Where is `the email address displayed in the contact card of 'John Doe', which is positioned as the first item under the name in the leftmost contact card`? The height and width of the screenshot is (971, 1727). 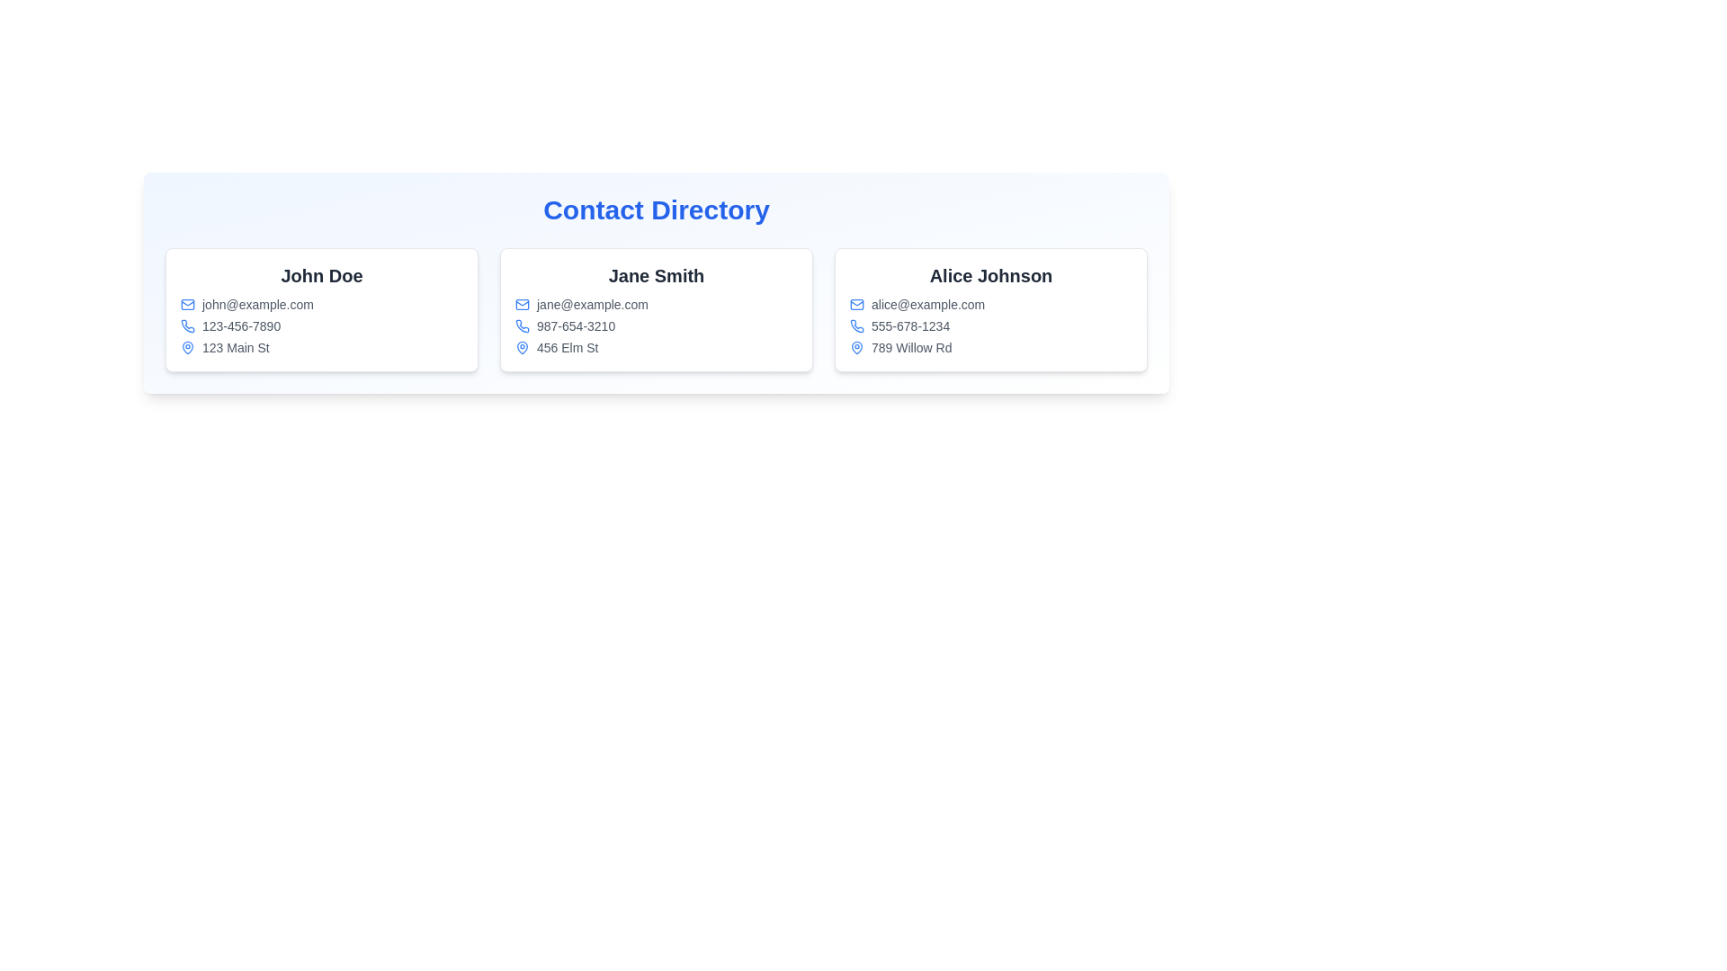
the email address displayed in the contact card of 'John Doe', which is positioned as the first item under the name in the leftmost contact card is located at coordinates (322, 304).